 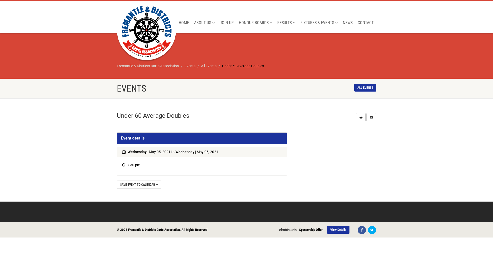 What do you see at coordinates (139, 185) in the screenshot?
I see `'SAVE EVENT TO CALENDAR'` at bounding box center [139, 185].